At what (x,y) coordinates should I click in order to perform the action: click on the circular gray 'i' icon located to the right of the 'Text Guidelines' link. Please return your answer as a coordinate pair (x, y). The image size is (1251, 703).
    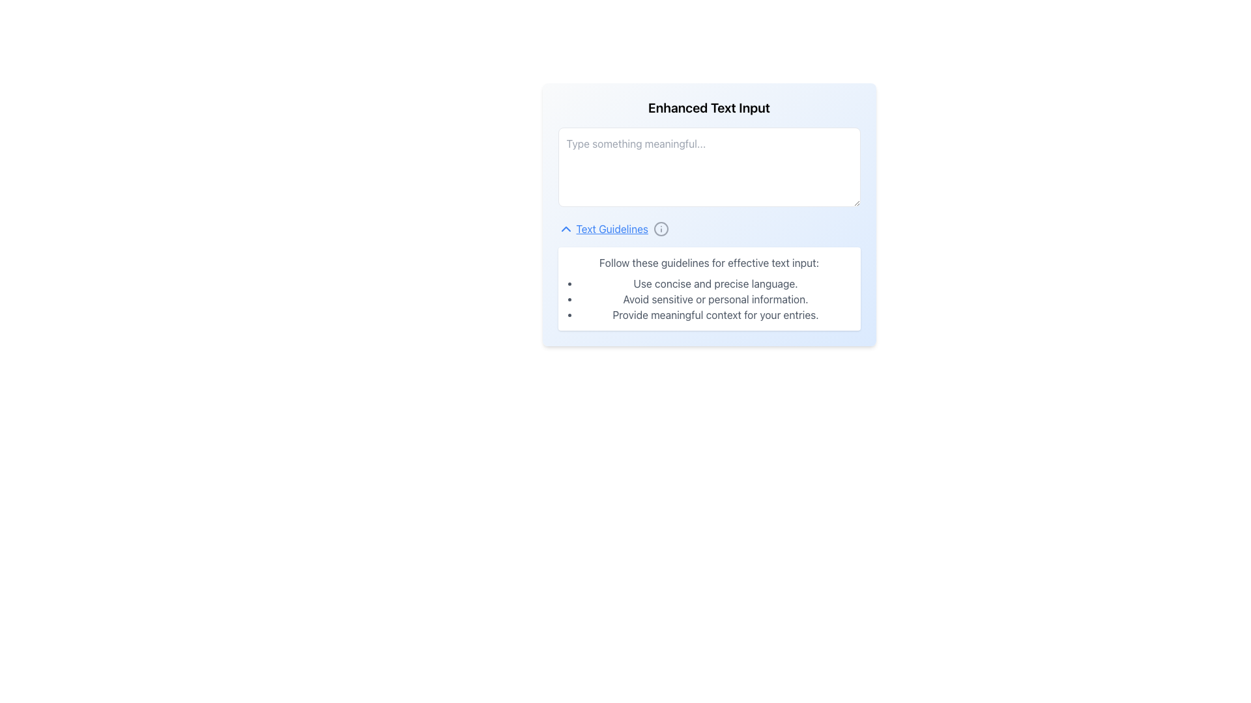
    Looking at the image, I should click on (661, 228).